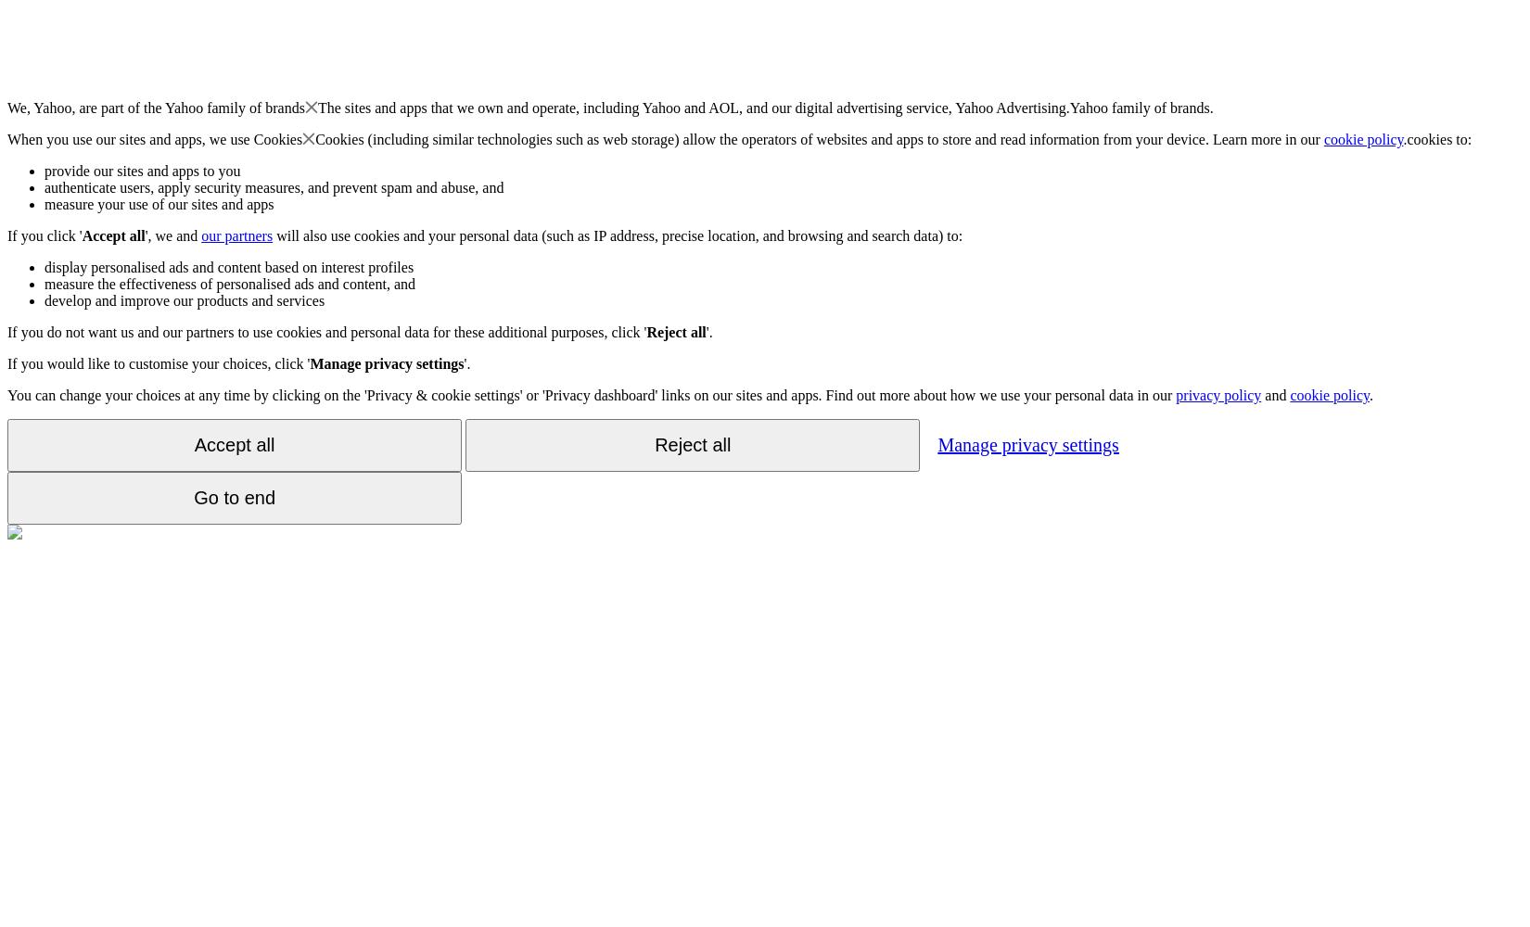  Describe the element at coordinates (1088, 107) in the screenshot. I see `'Yahoo'` at that location.